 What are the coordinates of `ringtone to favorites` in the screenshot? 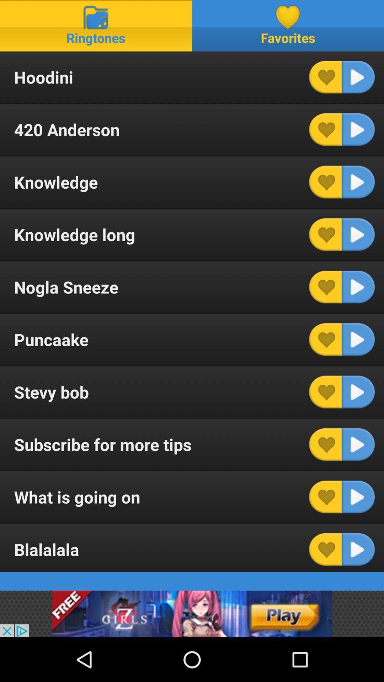 It's located at (325, 497).